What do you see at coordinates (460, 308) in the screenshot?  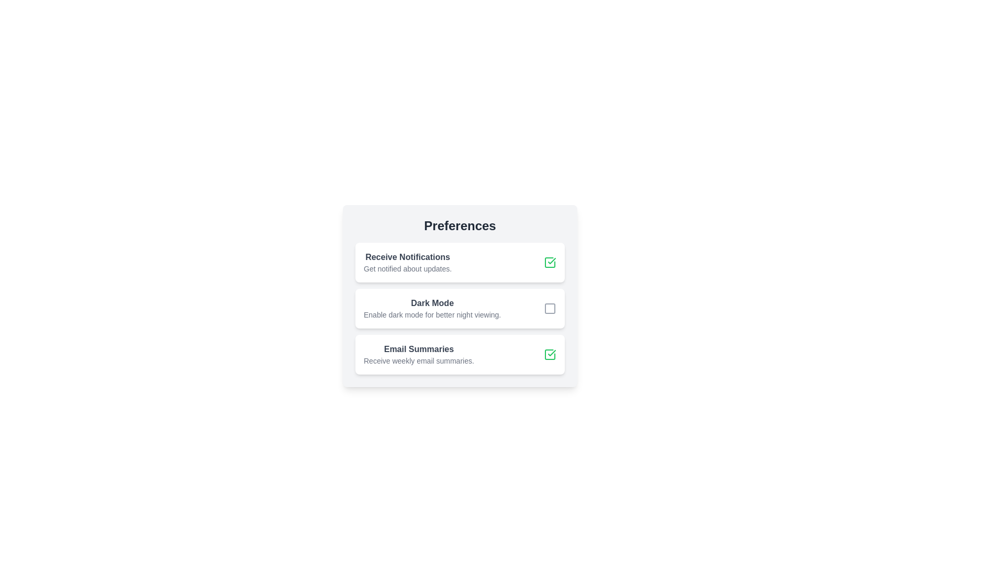 I see `the checkbox in the second item of the vertical list` at bounding box center [460, 308].